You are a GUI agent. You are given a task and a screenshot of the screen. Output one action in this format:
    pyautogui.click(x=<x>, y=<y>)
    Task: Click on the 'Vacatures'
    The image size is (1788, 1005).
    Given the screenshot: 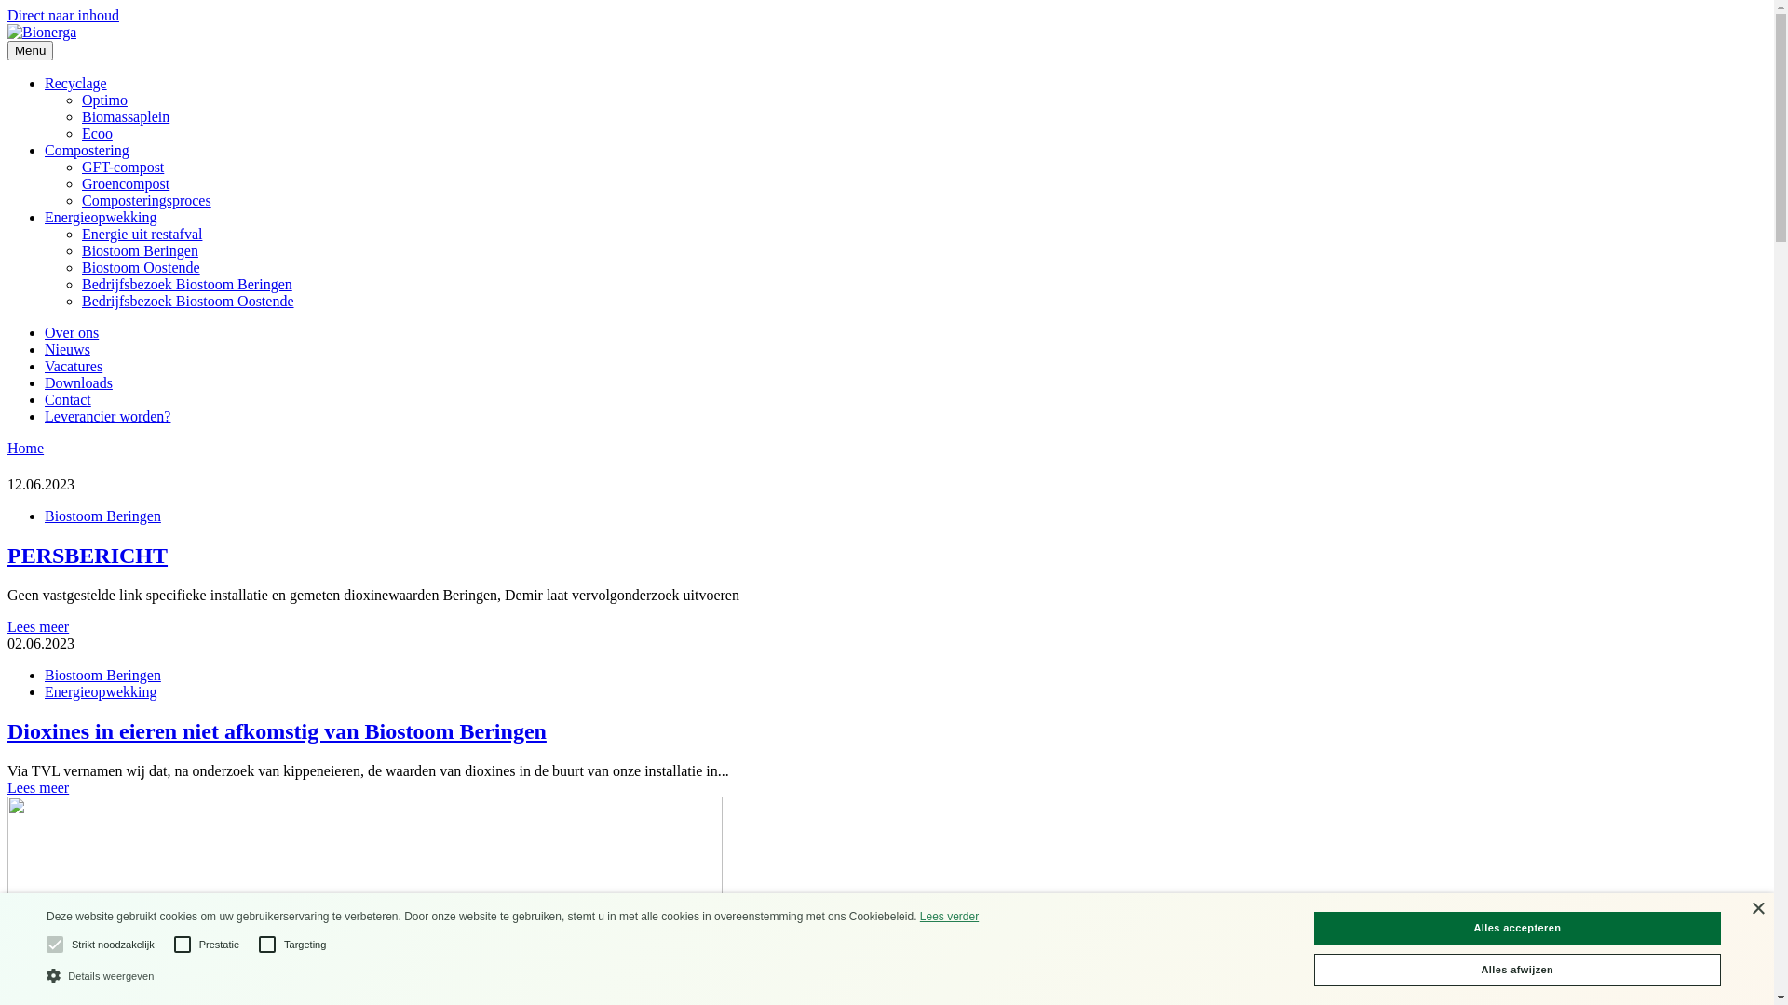 What is the action you would take?
    pyautogui.click(x=73, y=366)
    